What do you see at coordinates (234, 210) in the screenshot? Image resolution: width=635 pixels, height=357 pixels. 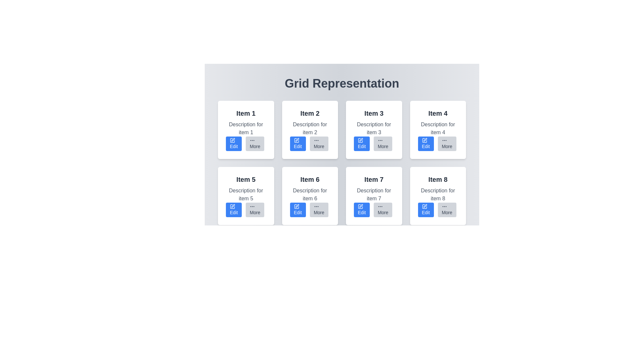 I see `the 'Edit' button with white text on a blue background, located in the bottom-left section of the card for 'Item 5', to initiate editing` at bounding box center [234, 210].